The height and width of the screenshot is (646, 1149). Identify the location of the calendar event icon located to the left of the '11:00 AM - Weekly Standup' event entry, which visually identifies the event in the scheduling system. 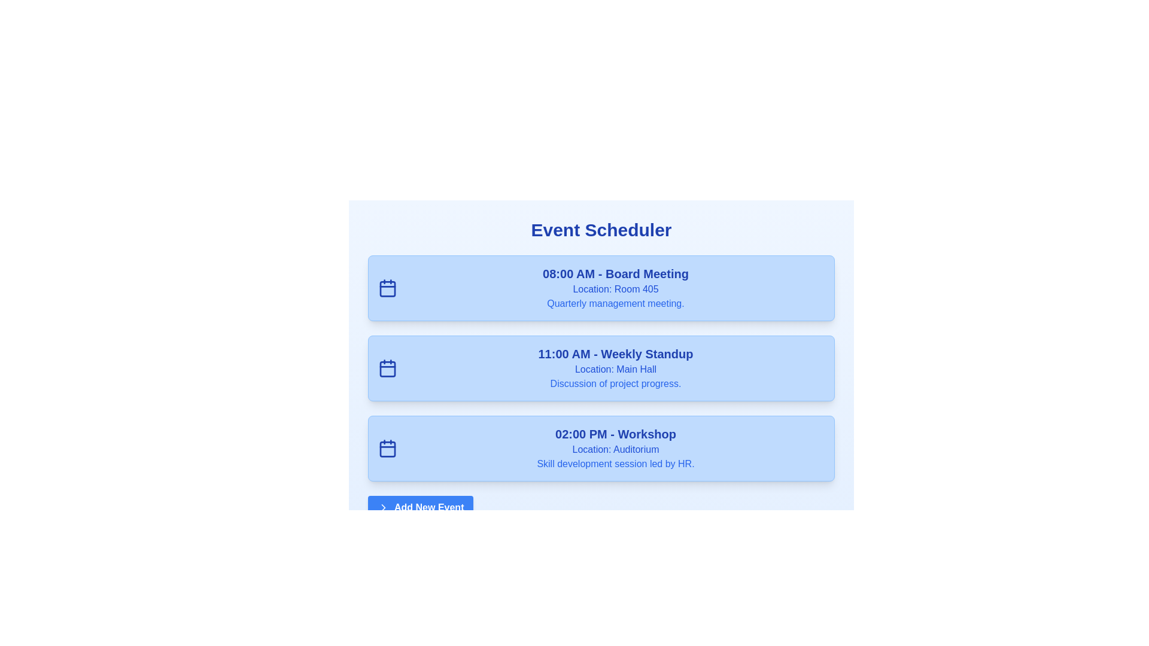
(388, 368).